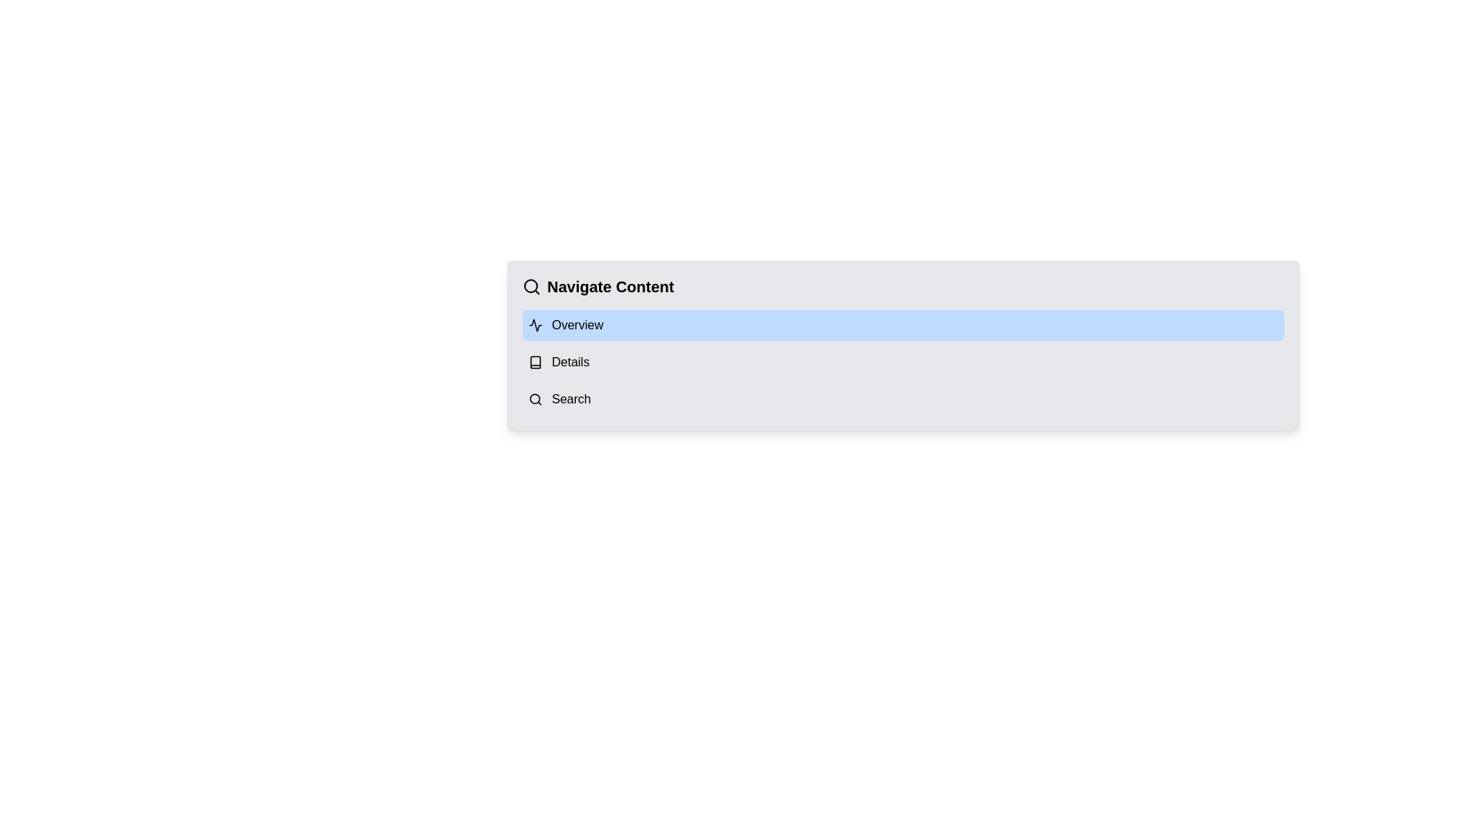 This screenshot has height=833, width=1482. I want to click on the 'Overview' icon located at the start of the navigation menu, positioned to the left of the text 'Overview', so click(536, 324).